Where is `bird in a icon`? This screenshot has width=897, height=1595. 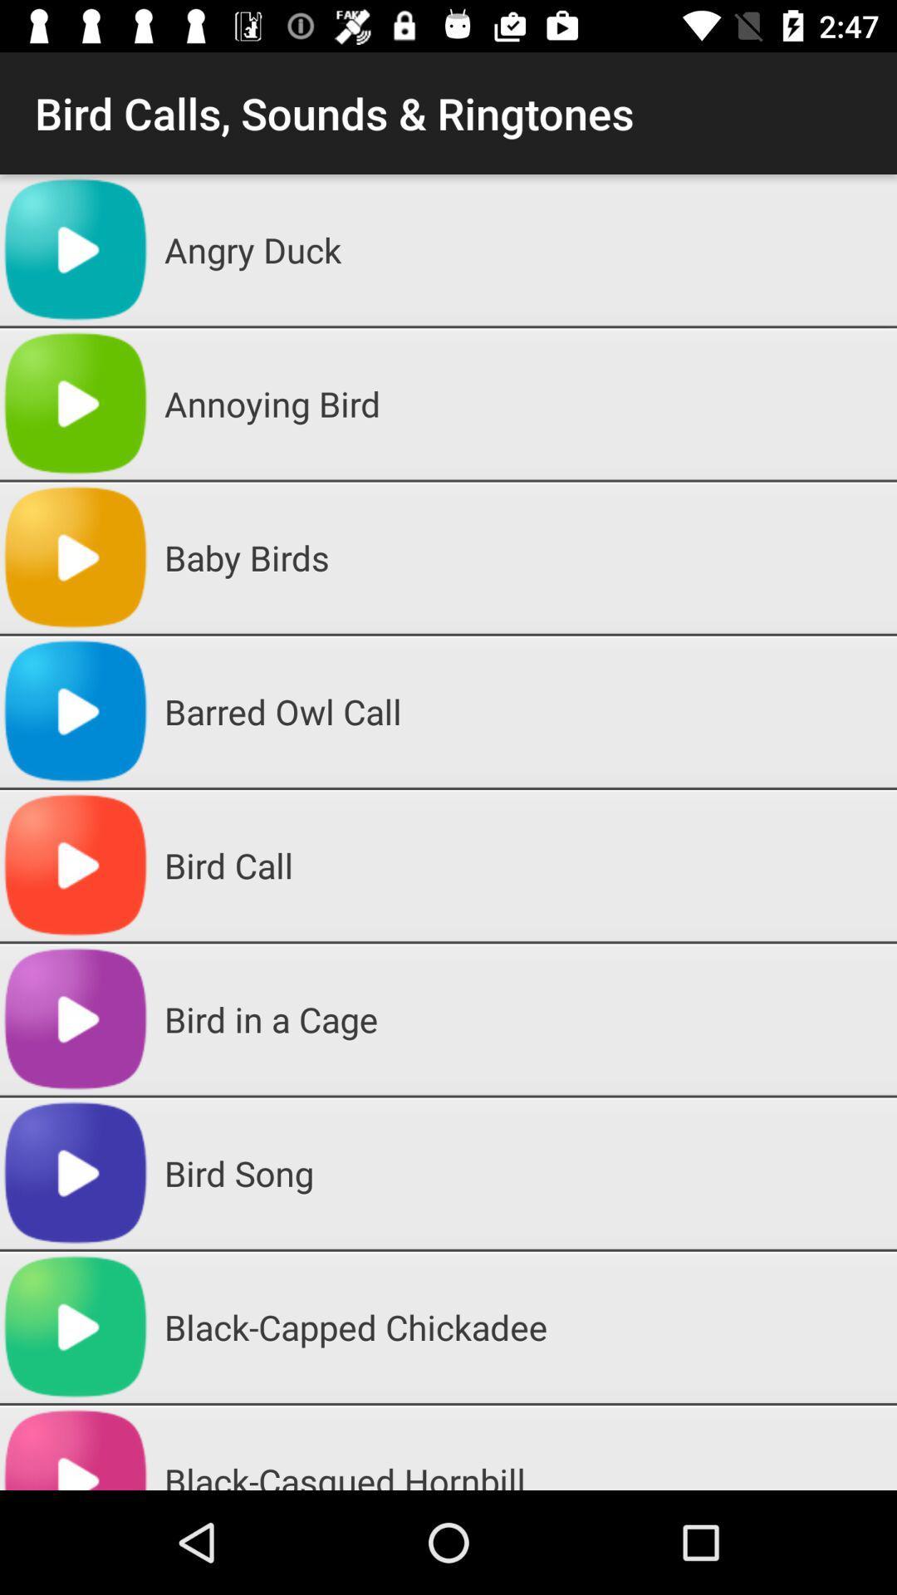 bird in a icon is located at coordinates (524, 1018).